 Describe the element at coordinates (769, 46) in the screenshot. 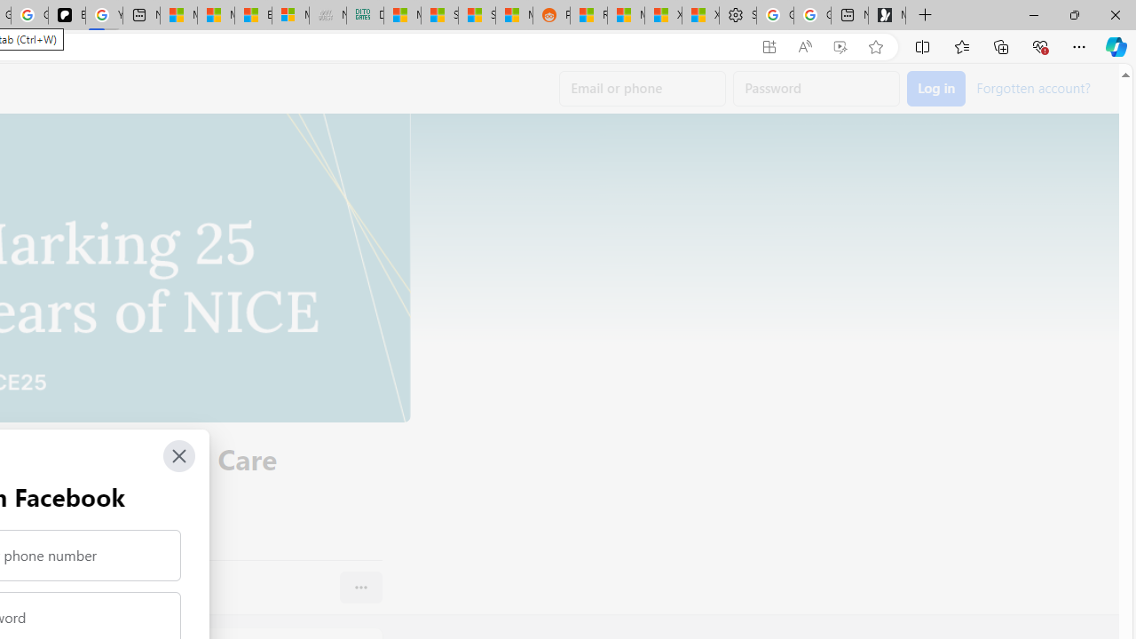

I see `'App available. Install Facebook'` at that location.